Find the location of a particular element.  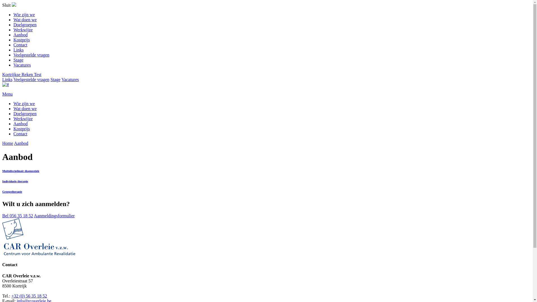

'Stage' is located at coordinates (18, 60).